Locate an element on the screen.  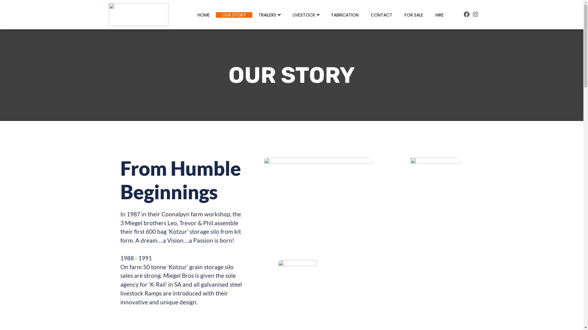
'HIRE' is located at coordinates (439, 15).